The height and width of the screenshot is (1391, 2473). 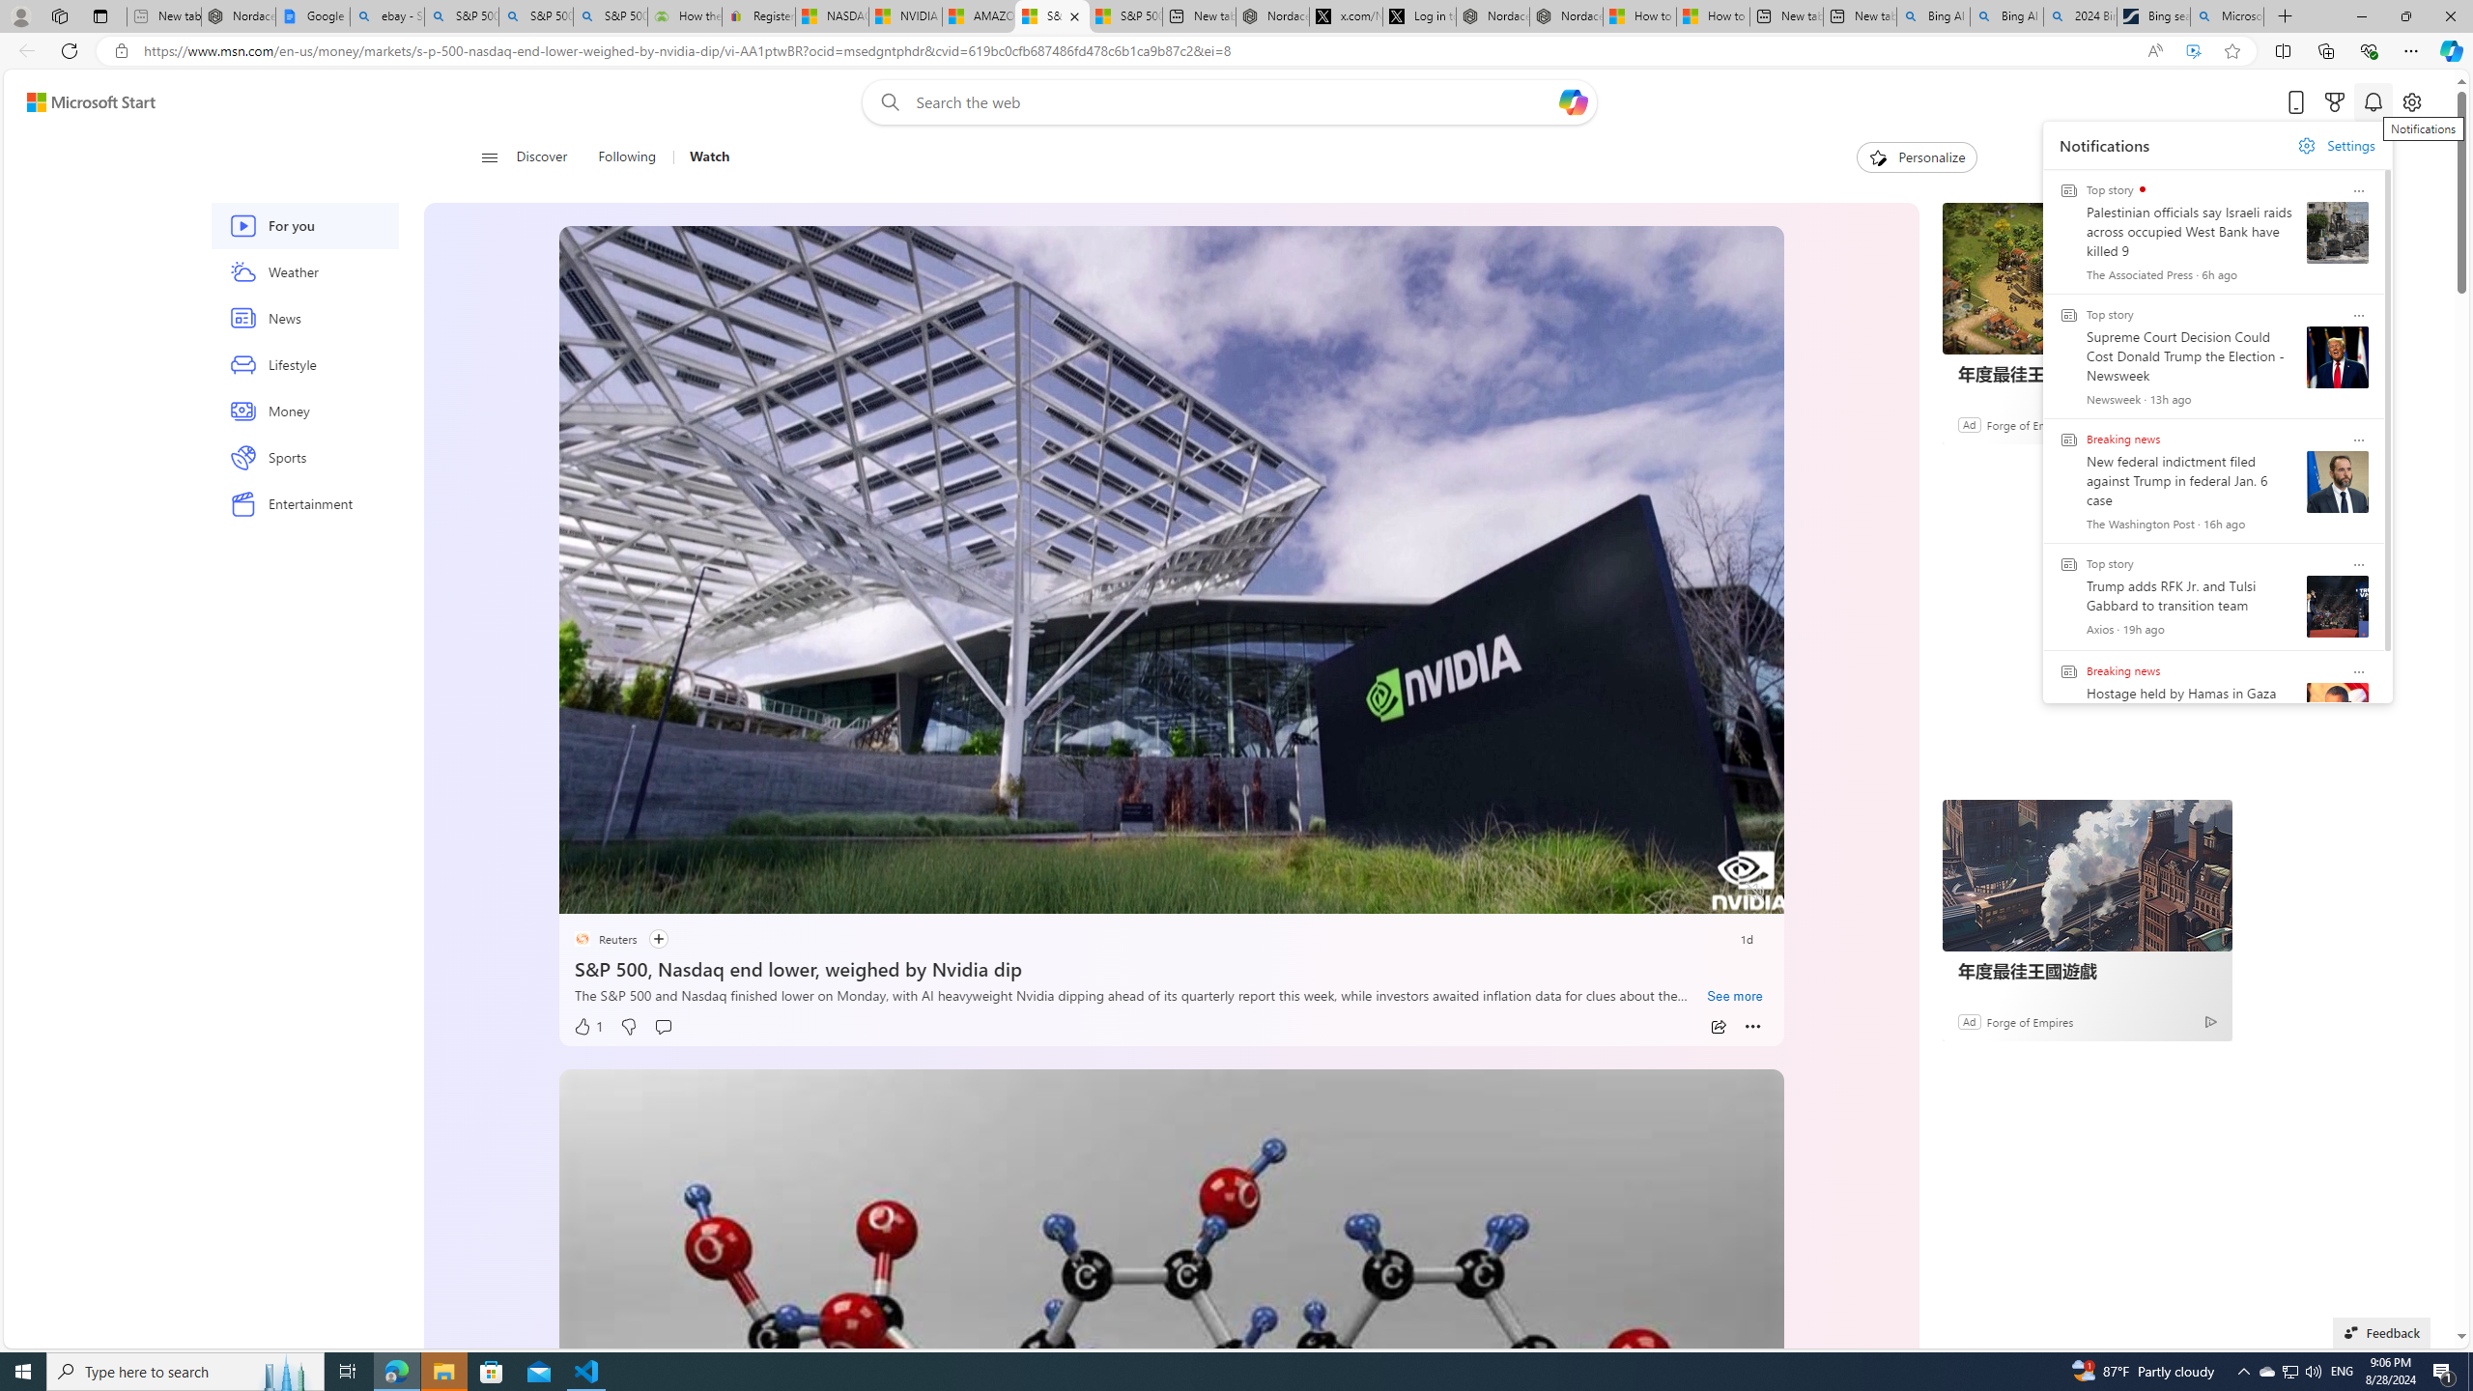 I want to click on 'Share', so click(x=1717, y=1026).